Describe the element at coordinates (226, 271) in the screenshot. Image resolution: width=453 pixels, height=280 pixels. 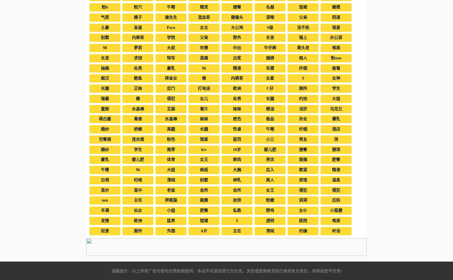
I see `'温馨提示：以上所有广告内容均为赞助商提供，本站不对其经营行为负责。浏览或使用者须自行承担有关责任，本网站恕不负责!'` at that location.